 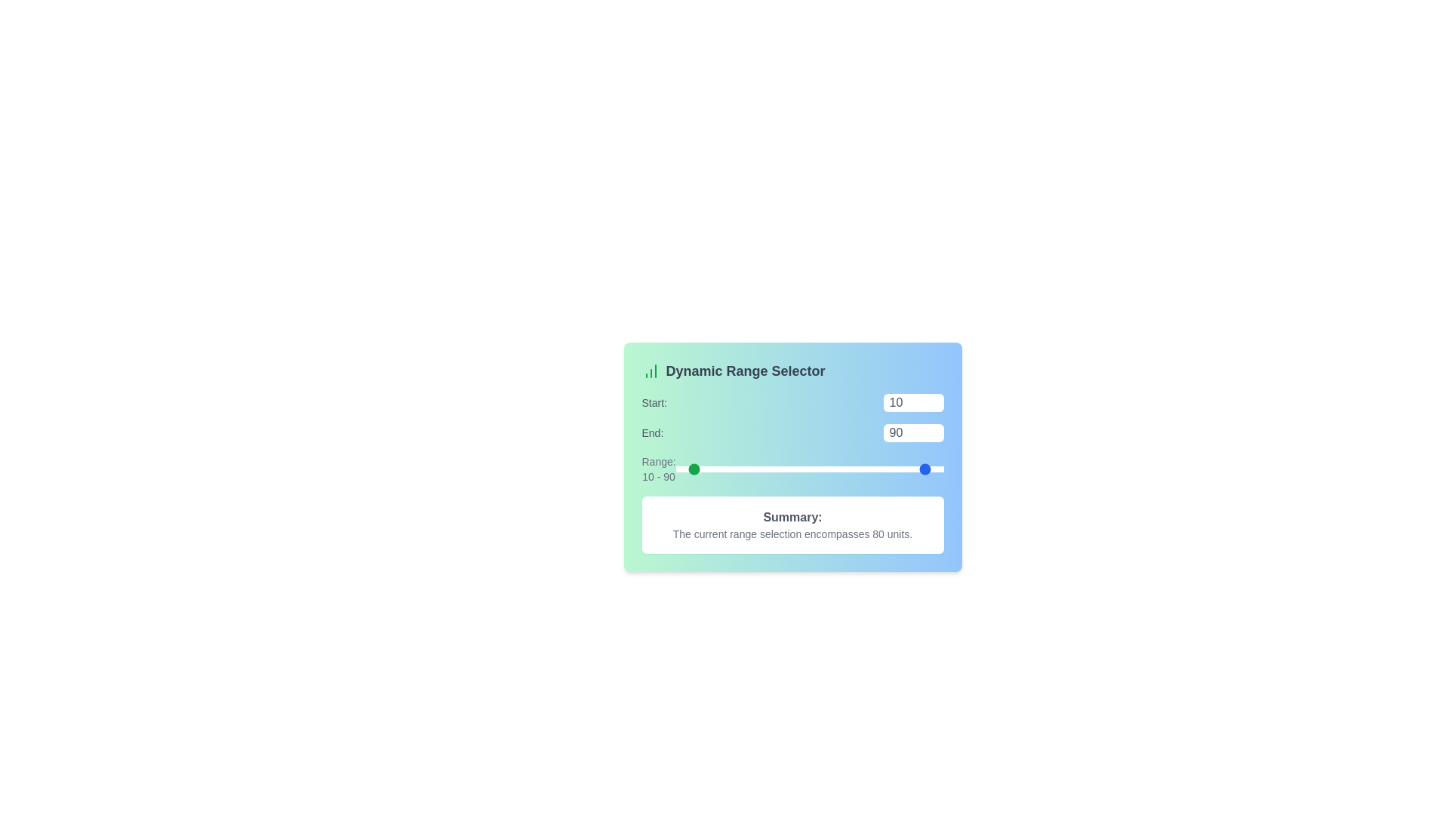 I want to click on the 'Start' range value to 64 using the input box, so click(x=912, y=401).